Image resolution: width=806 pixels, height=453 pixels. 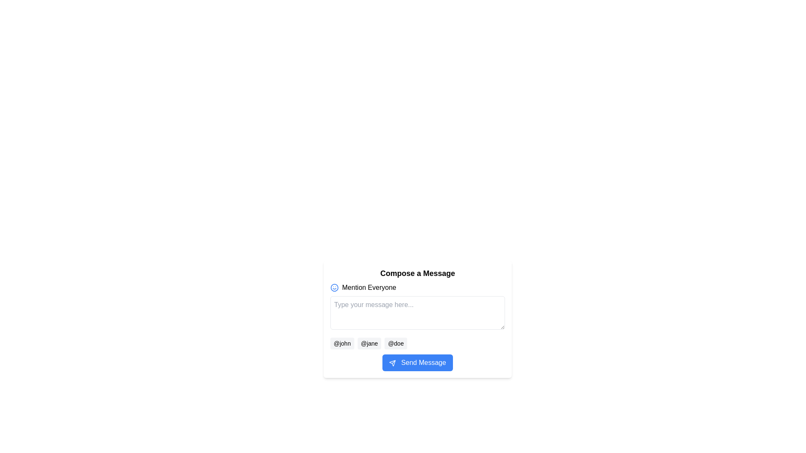 What do you see at coordinates (334, 287) in the screenshot?
I see `the visuals of the circular stroke of the smiley face icon, which is positioned to the left of the 'Mention Everyone' text` at bounding box center [334, 287].